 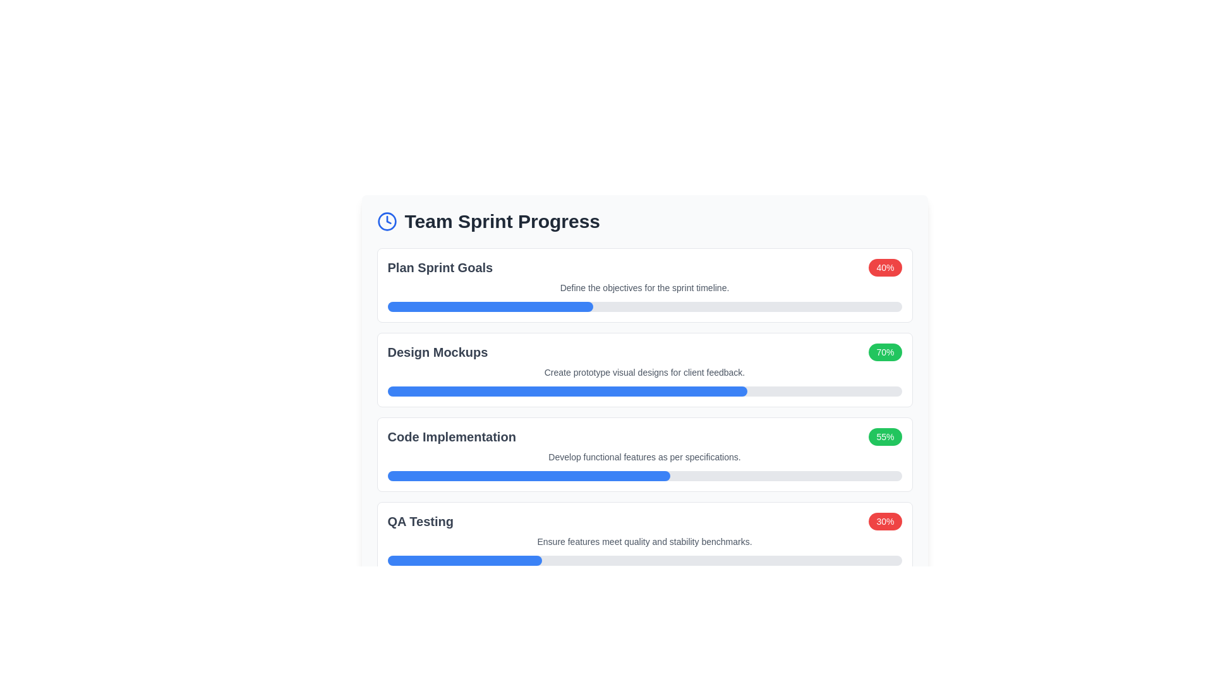 What do you see at coordinates (386, 221) in the screenshot?
I see `the circular shape that serves as the clock face's outline, located adjacent to the title 'Team Sprint Progress'` at bounding box center [386, 221].